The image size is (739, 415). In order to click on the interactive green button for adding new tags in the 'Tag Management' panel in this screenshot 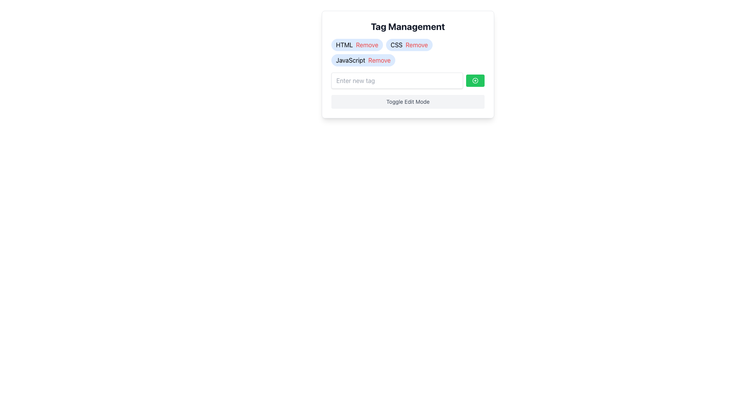, I will do `click(408, 80)`.